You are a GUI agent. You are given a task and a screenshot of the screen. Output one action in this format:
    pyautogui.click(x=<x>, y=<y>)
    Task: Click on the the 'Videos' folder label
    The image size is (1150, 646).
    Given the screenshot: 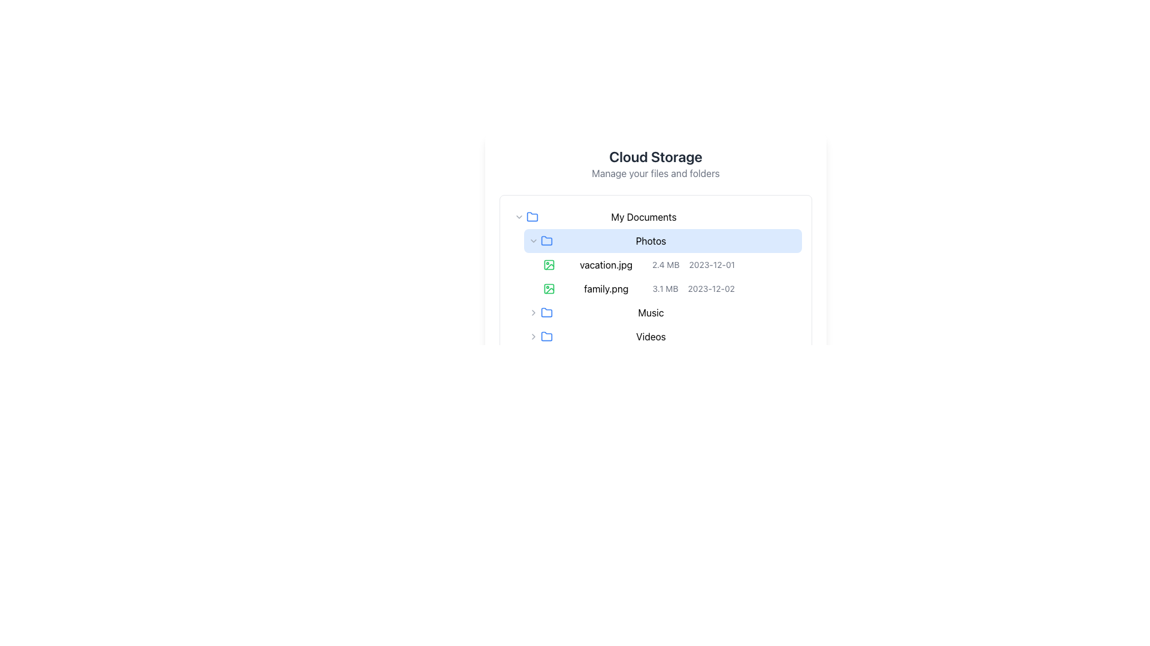 What is the action you would take?
    pyautogui.click(x=662, y=337)
    